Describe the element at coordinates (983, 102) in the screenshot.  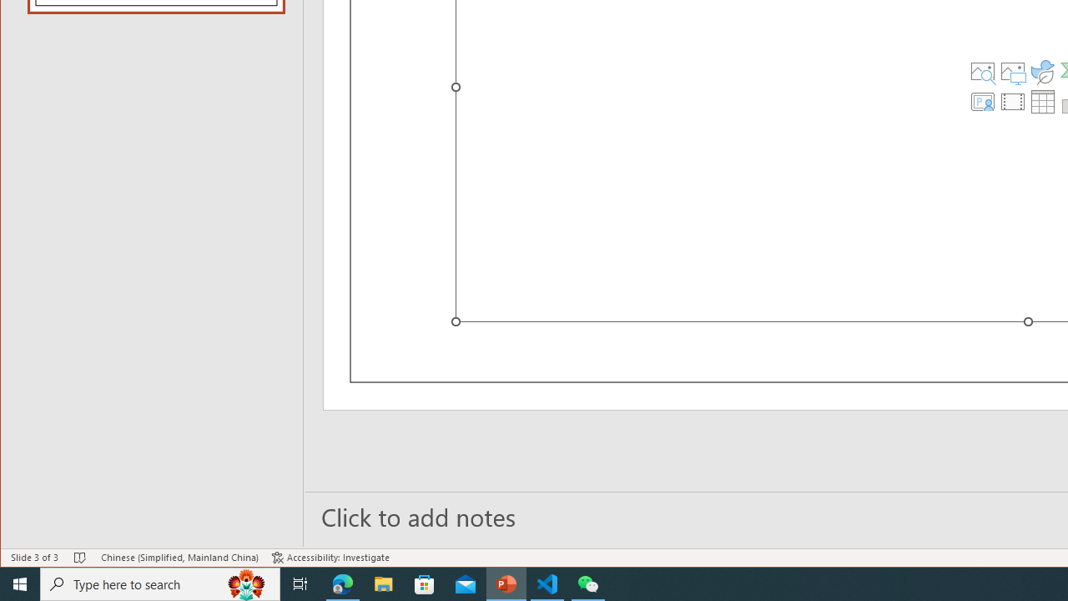
I see `'Insert Cameo'` at that location.